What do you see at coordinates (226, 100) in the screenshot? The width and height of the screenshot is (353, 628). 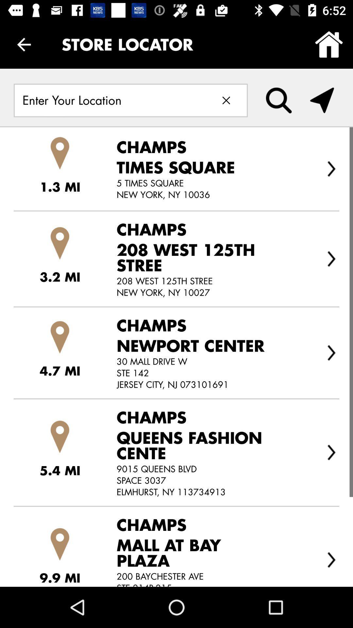 I see `delete text` at bounding box center [226, 100].